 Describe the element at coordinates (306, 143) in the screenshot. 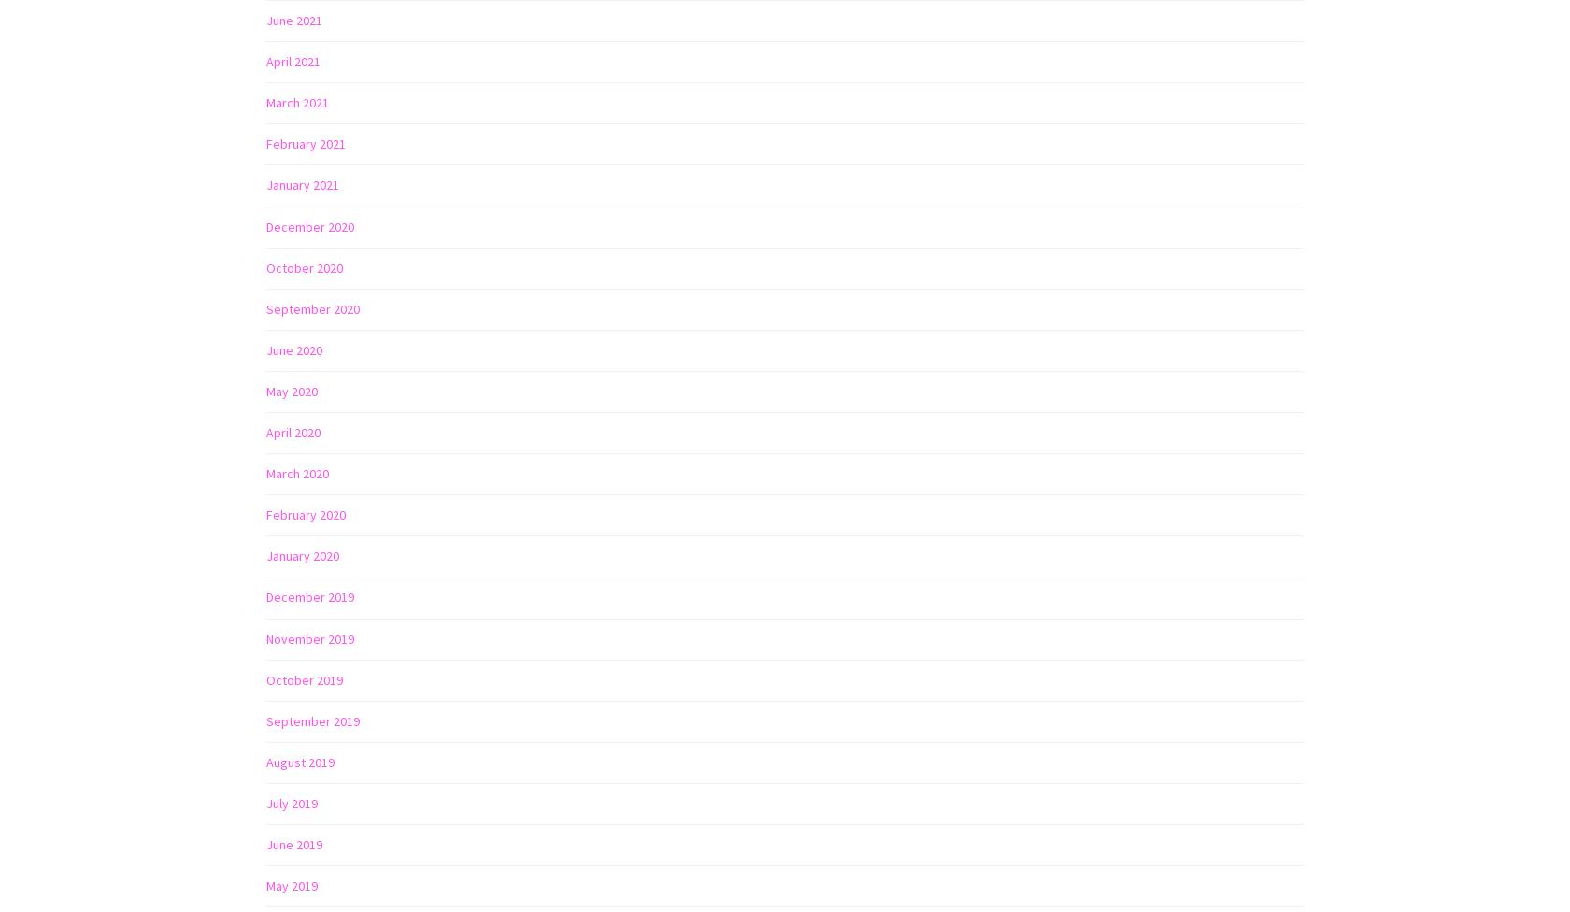

I see `'February 2021'` at that location.